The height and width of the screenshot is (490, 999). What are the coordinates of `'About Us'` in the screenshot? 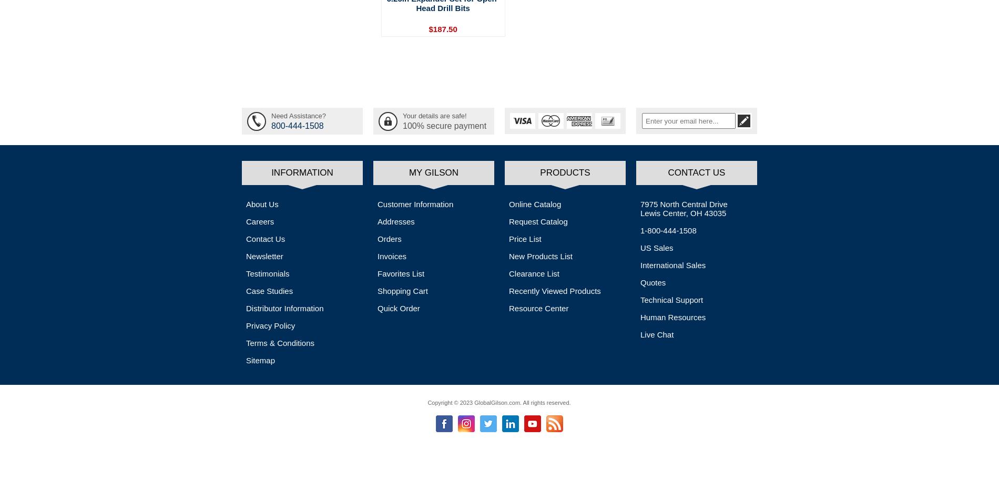 It's located at (262, 203).